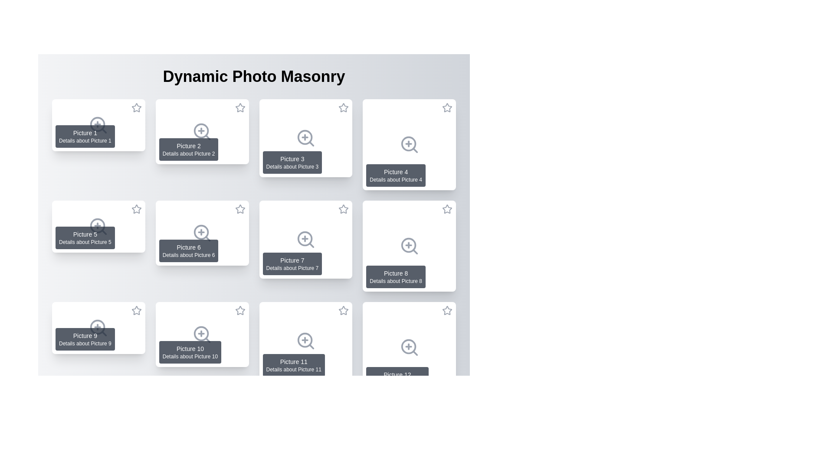 Image resolution: width=833 pixels, height=468 pixels. Describe the element at coordinates (98, 226) in the screenshot. I see `the fifth Card component in the grid layout` at that location.